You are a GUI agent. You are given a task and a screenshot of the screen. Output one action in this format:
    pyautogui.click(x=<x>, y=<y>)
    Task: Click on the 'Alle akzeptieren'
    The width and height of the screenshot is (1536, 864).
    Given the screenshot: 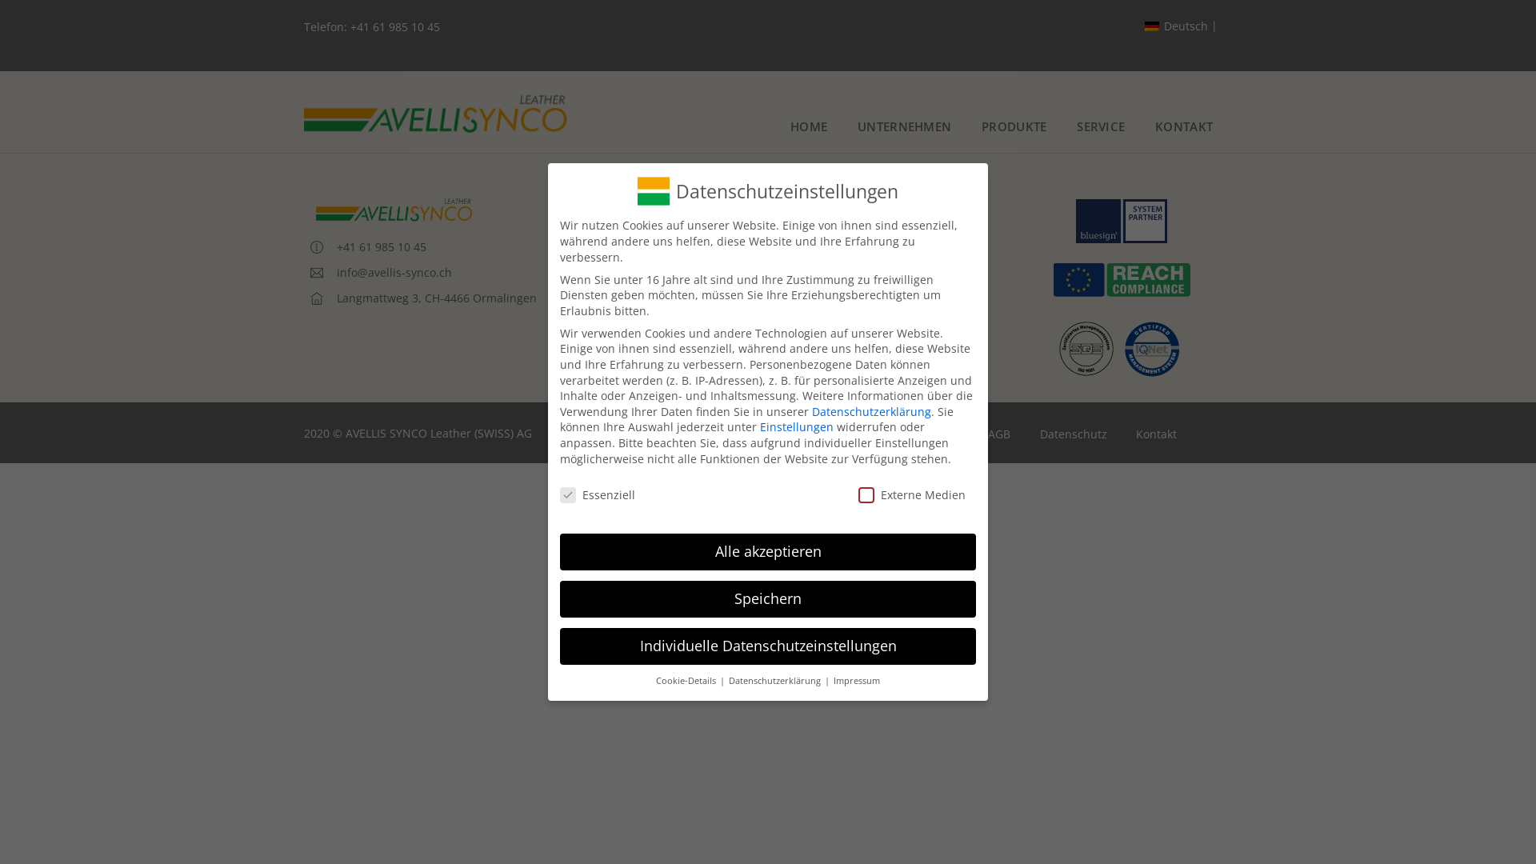 What is the action you would take?
    pyautogui.click(x=768, y=551)
    